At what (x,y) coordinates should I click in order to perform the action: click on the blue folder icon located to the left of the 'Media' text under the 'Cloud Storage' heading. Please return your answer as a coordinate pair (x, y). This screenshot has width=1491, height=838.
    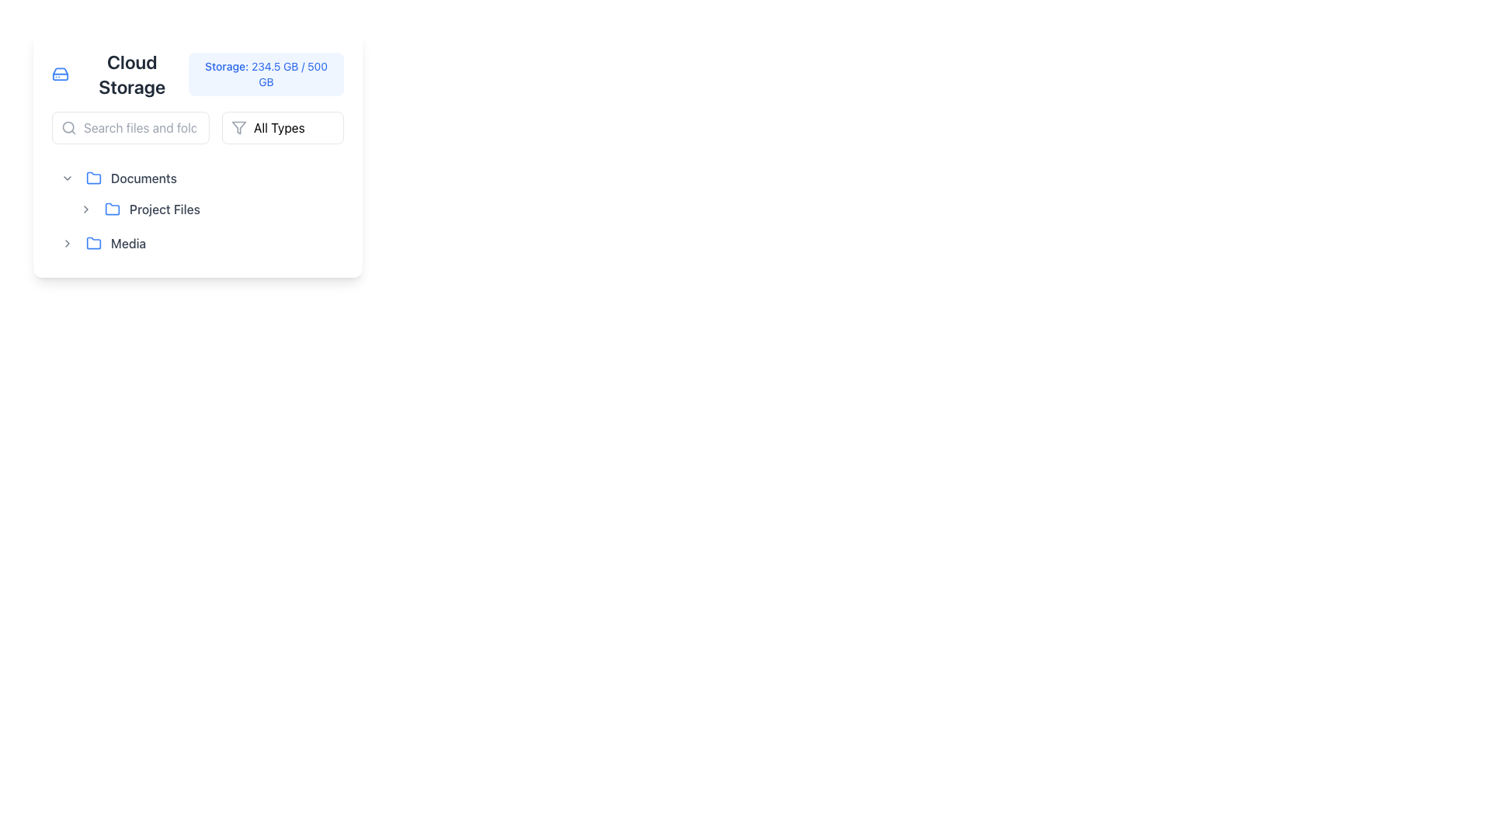
    Looking at the image, I should click on (92, 243).